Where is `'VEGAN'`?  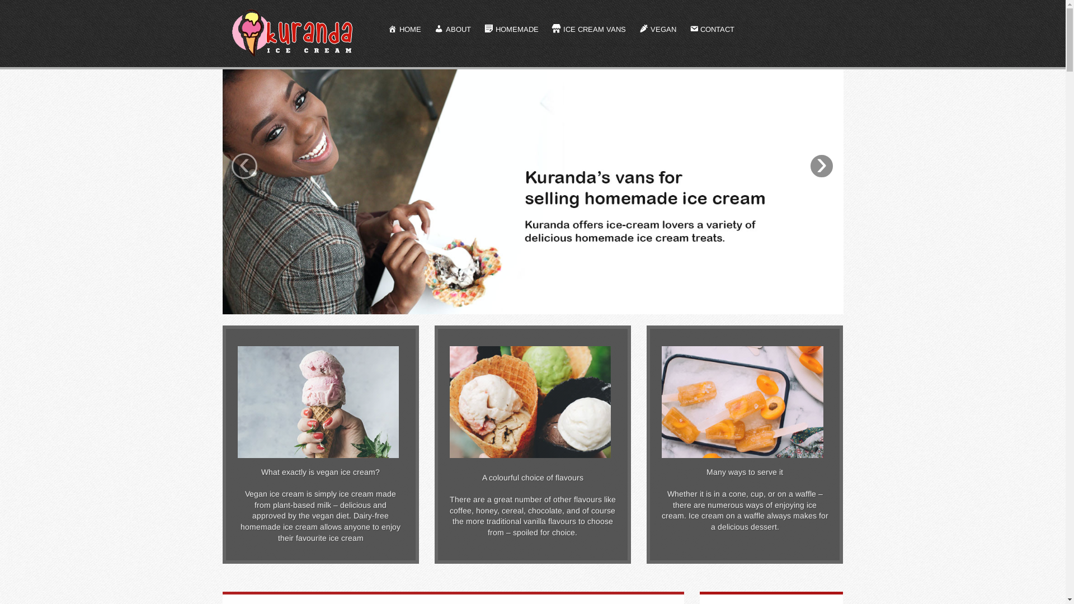 'VEGAN' is located at coordinates (658, 30).